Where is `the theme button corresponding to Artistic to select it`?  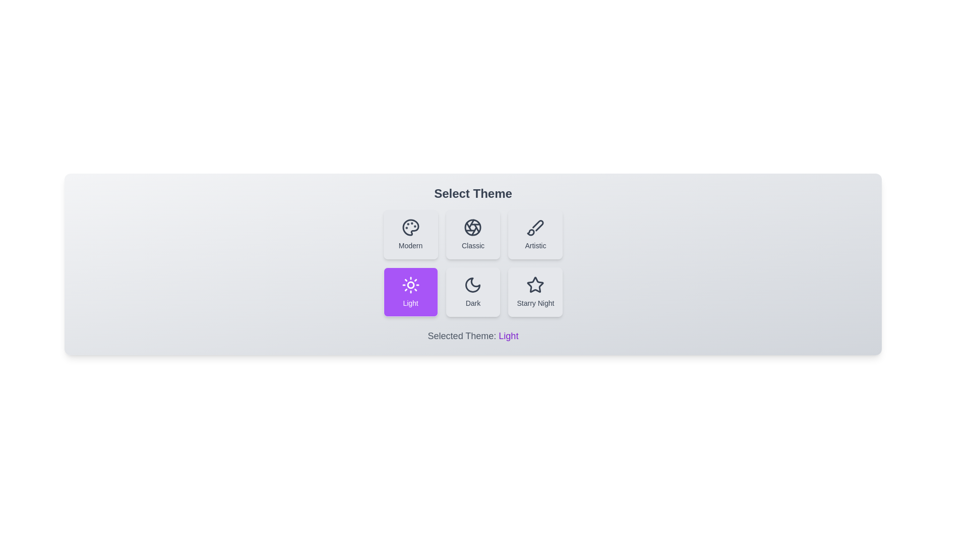 the theme button corresponding to Artistic to select it is located at coordinates (535, 235).